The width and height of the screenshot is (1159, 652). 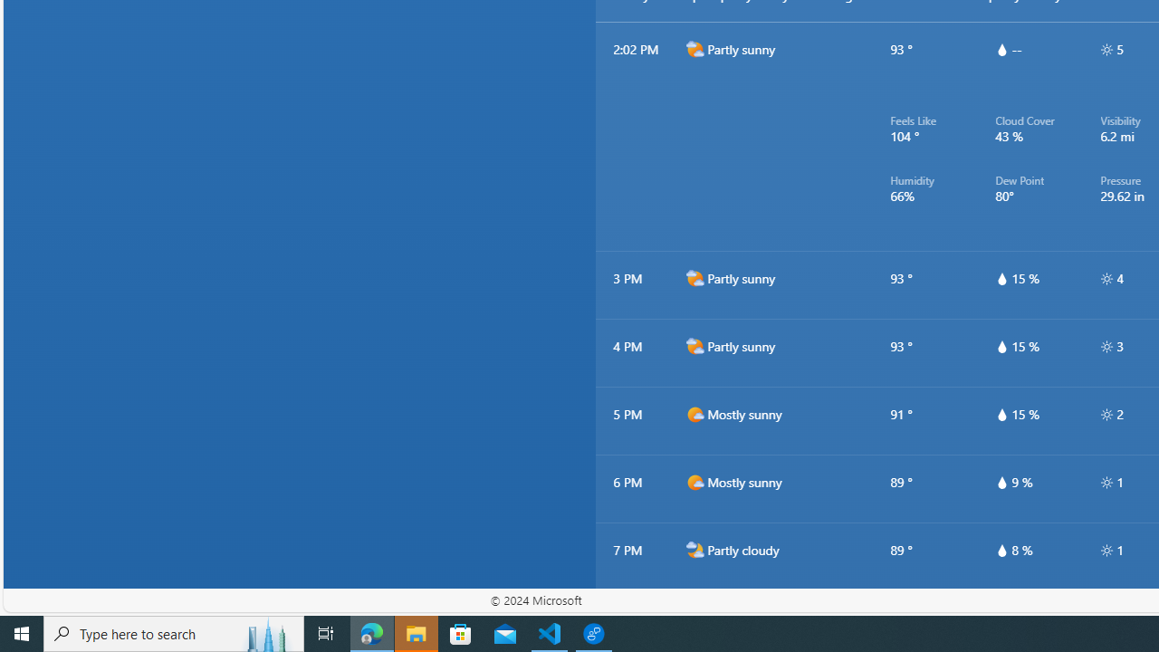 What do you see at coordinates (1001, 550) in the screenshot?
I see `'hourlyTable/drop'` at bounding box center [1001, 550].